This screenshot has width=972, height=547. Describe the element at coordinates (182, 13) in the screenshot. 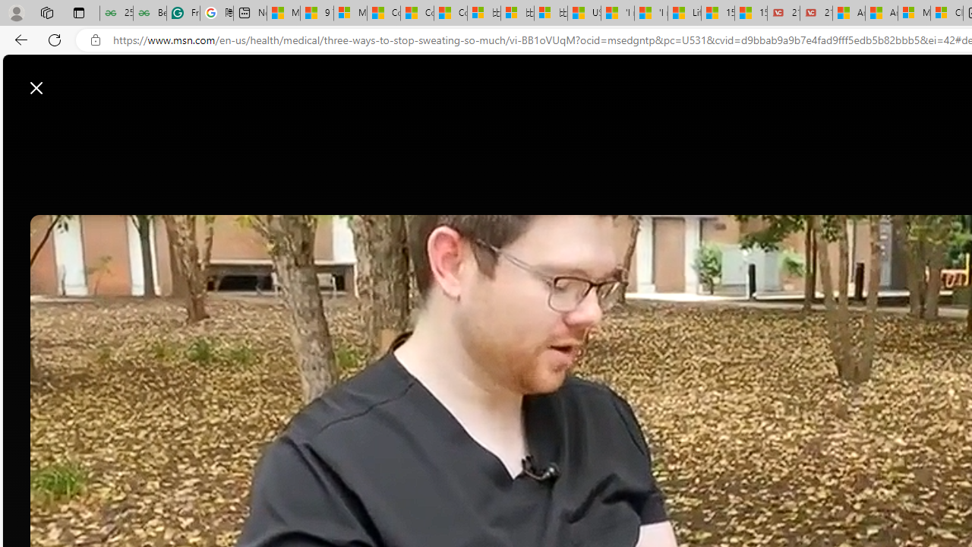

I see `'Free AI Writing Assistance for Students | Grammarly'` at that location.